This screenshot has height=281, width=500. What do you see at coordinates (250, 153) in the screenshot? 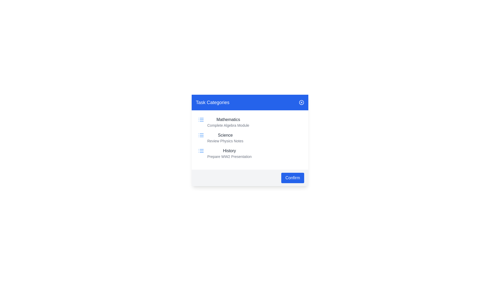
I see `the category item History to highlight it` at bounding box center [250, 153].